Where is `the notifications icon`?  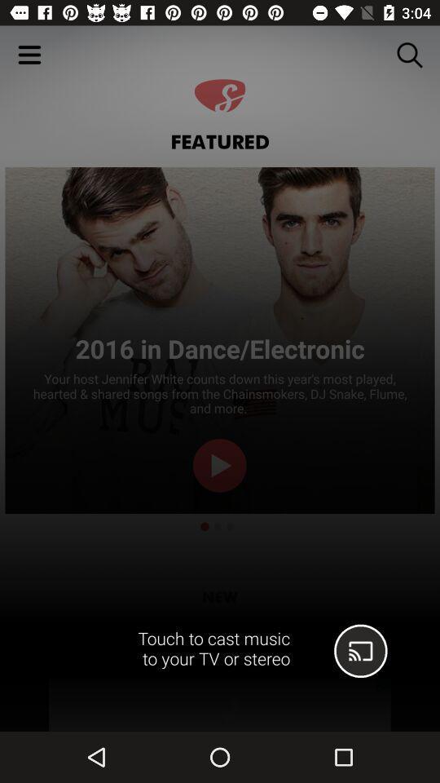
the notifications icon is located at coordinates (413, 651).